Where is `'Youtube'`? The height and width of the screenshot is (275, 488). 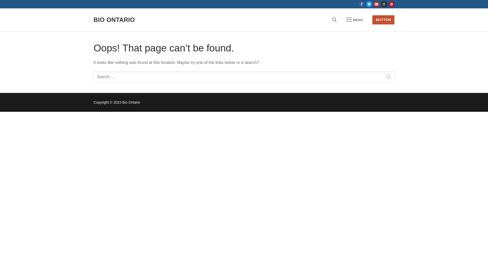 'Youtube' is located at coordinates (376, 4).